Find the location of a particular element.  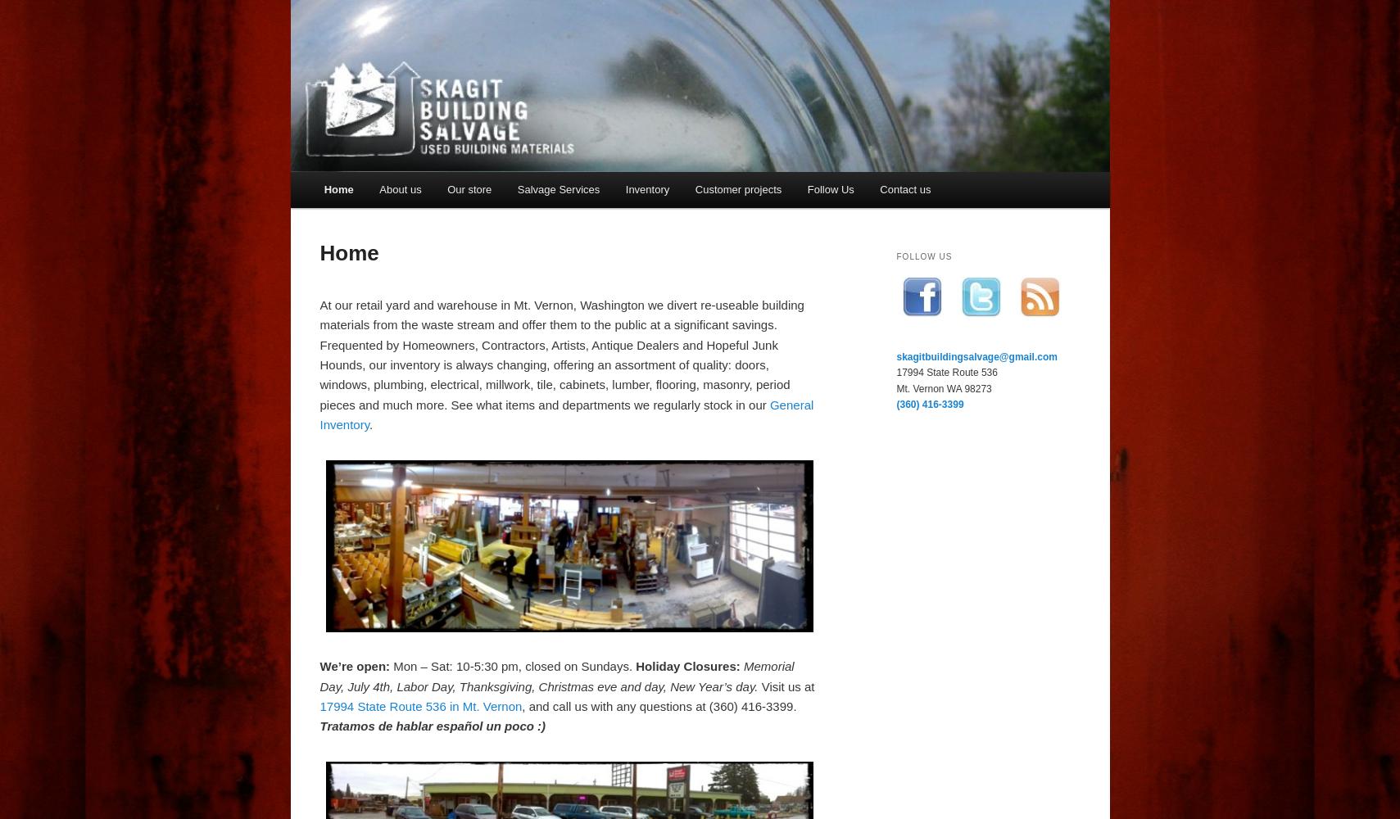

'Mon – Sat: 10-5:30 pm, closed on Sundays.' is located at coordinates (388, 665).